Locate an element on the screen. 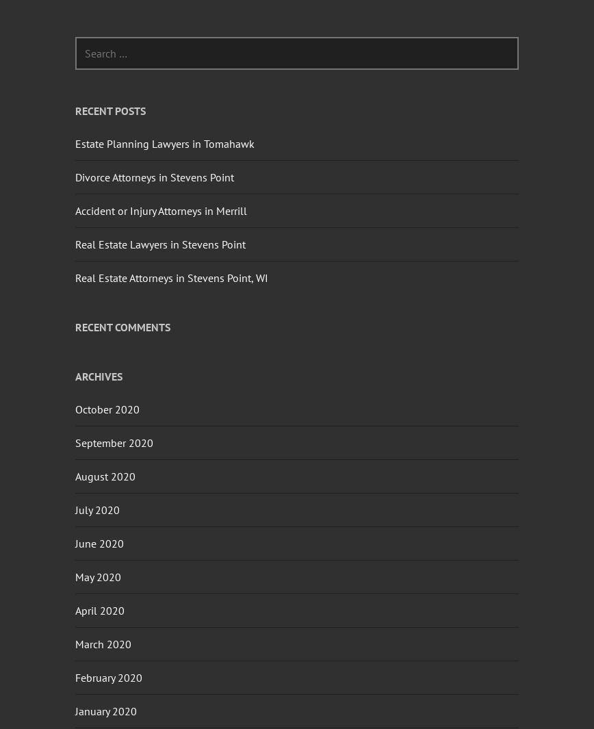 This screenshot has height=729, width=594. 'Divorce Attorneys in Stevens Point' is located at coordinates (75, 176).